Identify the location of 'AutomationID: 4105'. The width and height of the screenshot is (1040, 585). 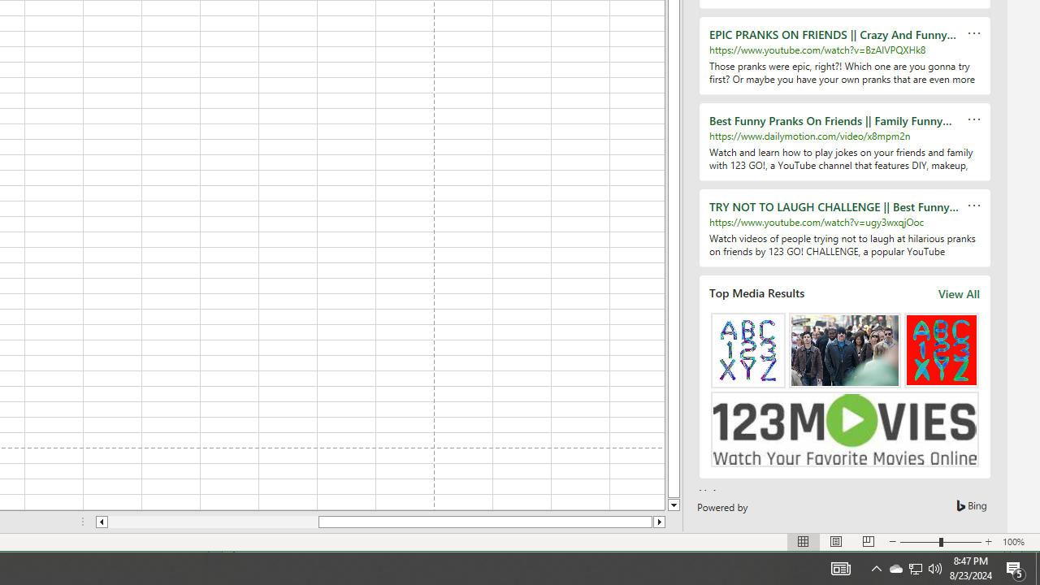
(840, 567).